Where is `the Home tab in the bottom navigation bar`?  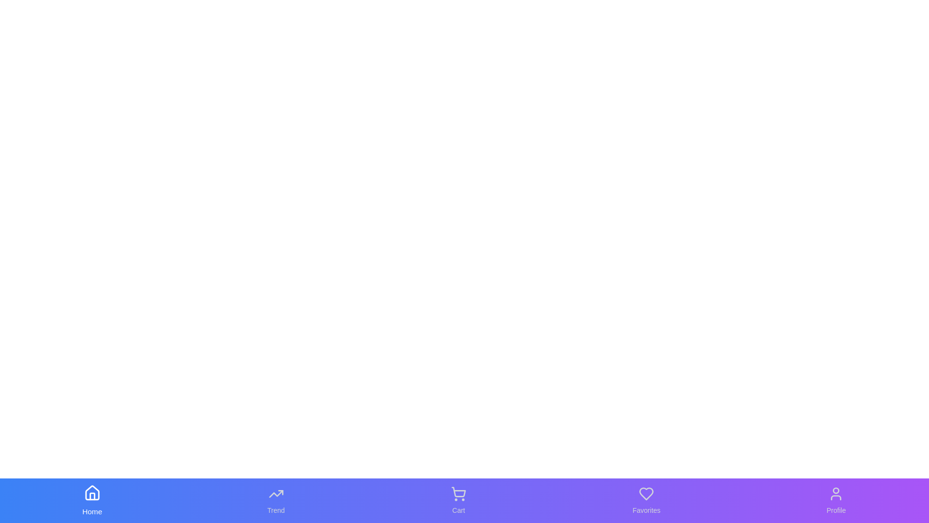
the Home tab in the bottom navigation bar is located at coordinates (92, 500).